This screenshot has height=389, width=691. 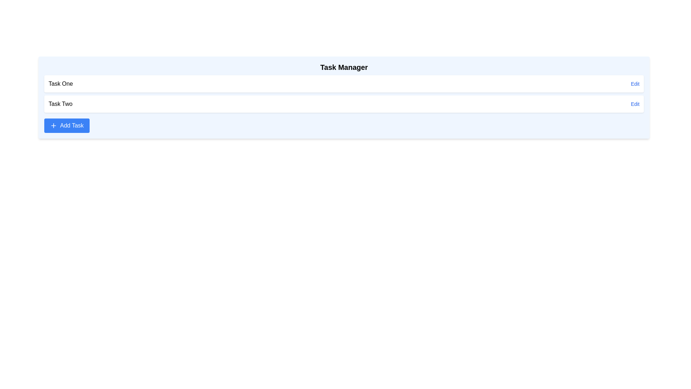 What do you see at coordinates (67, 125) in the screenshot?
I see `the blue 'Add Task' button located below the list of tasks in the 'Task Manager', which has a white plus icon on its left side` at bounding box center [67, 125].